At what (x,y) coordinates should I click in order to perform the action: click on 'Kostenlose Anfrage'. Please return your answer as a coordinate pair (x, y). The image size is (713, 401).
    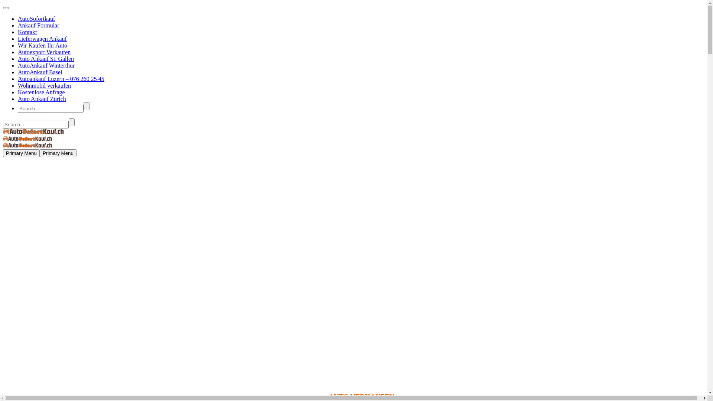
    Looking at the image, I should click on (18, 92).